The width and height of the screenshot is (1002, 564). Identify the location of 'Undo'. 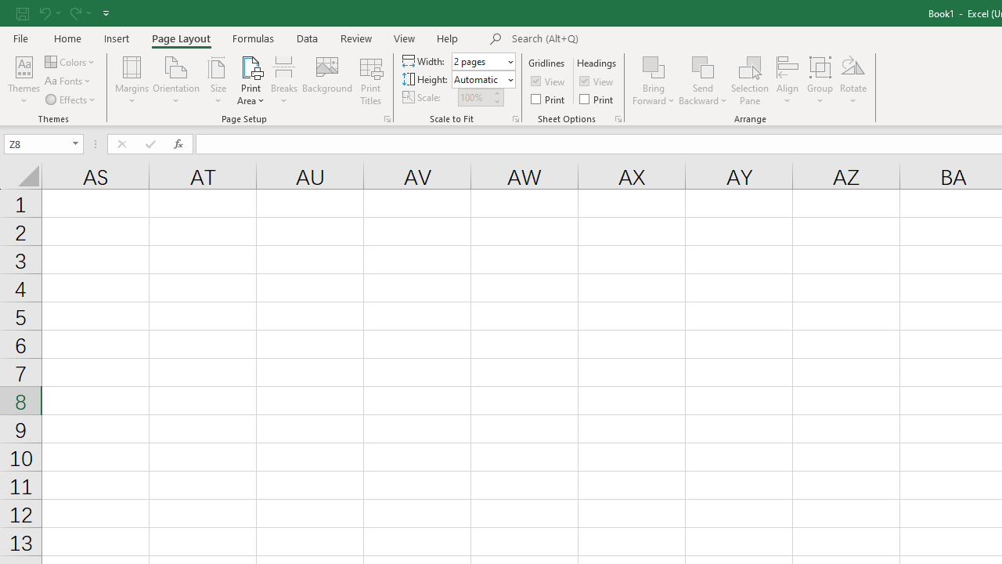
(44, 13).